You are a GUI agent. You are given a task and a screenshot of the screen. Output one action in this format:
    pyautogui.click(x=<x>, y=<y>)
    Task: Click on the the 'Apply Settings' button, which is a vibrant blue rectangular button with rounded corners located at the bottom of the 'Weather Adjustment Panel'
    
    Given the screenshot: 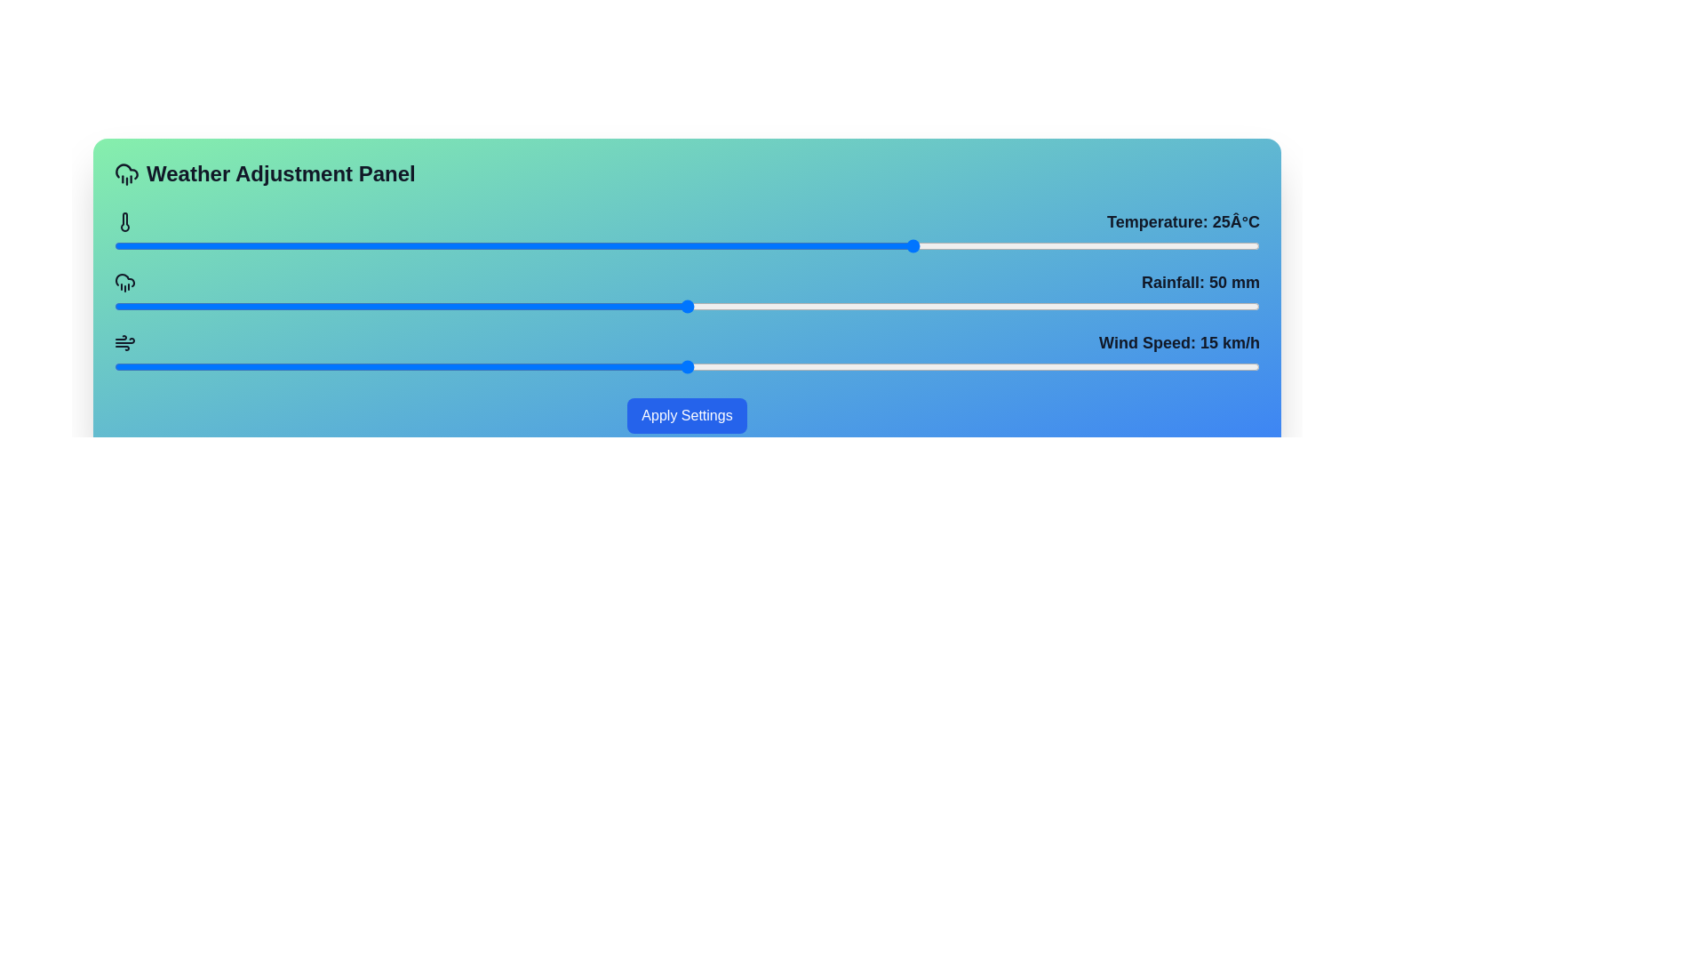 What is the action you would take?
    pyautogui.click(x=686, y=415)
    